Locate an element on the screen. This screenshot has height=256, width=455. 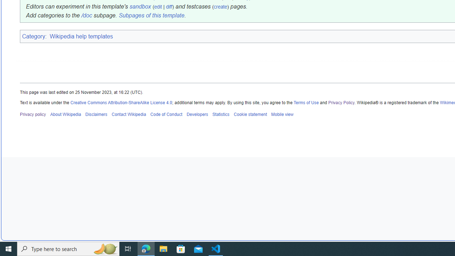
'Disclaimers' is located at coordinates (96, 114).